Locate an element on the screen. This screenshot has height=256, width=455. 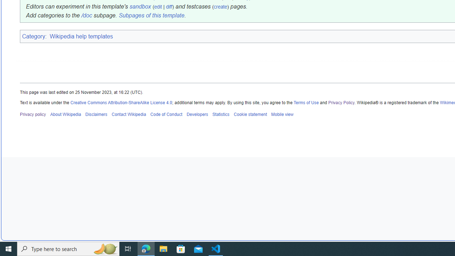
'Disclaimers' is located at coordinates (96, 114).